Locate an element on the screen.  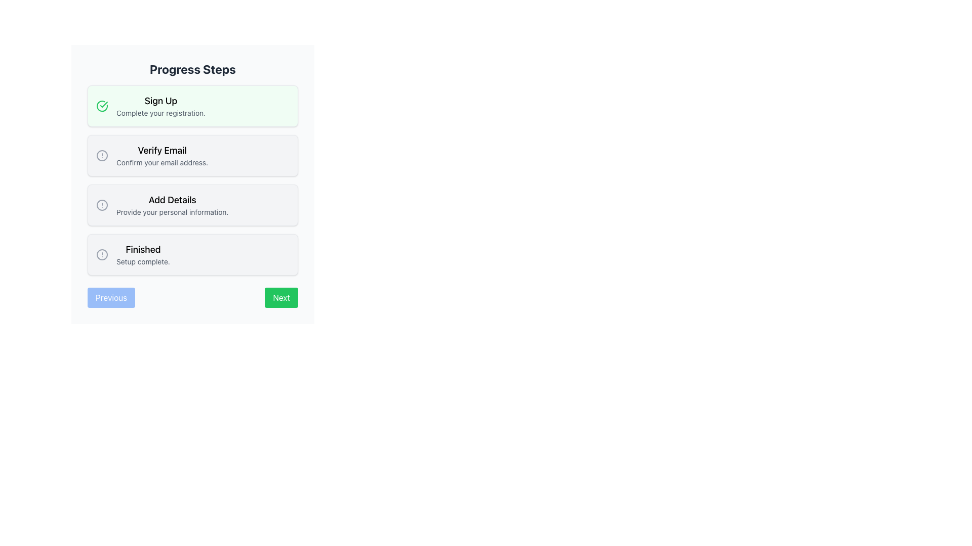
the 'Verify Email' text label, which displays the text in bold and larger font, positioned at the top of the step box within the second step of a vertical sequence is located at coordinates (162, 150).